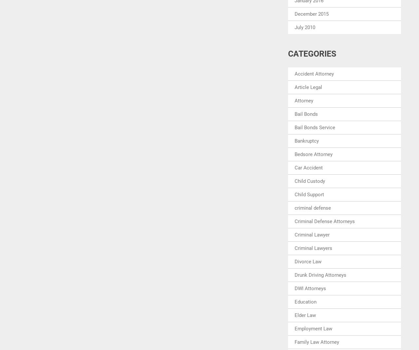  I want to click on 'Divorce Law', so click(308, 261).